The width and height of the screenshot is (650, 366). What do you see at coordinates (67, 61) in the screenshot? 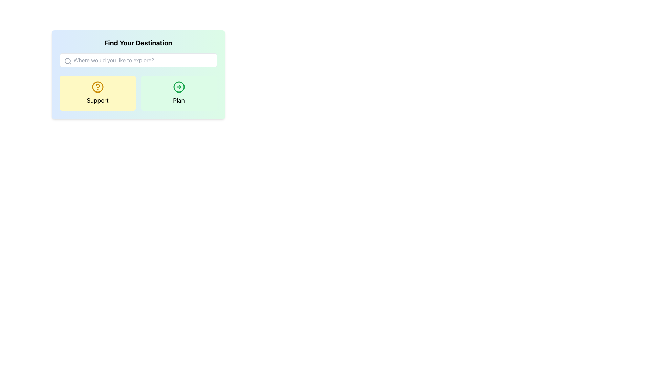
I see `the SVG Circle Element that forms the main body of the search icon located on the left side of the search input box` at bounding box center [67, 61].